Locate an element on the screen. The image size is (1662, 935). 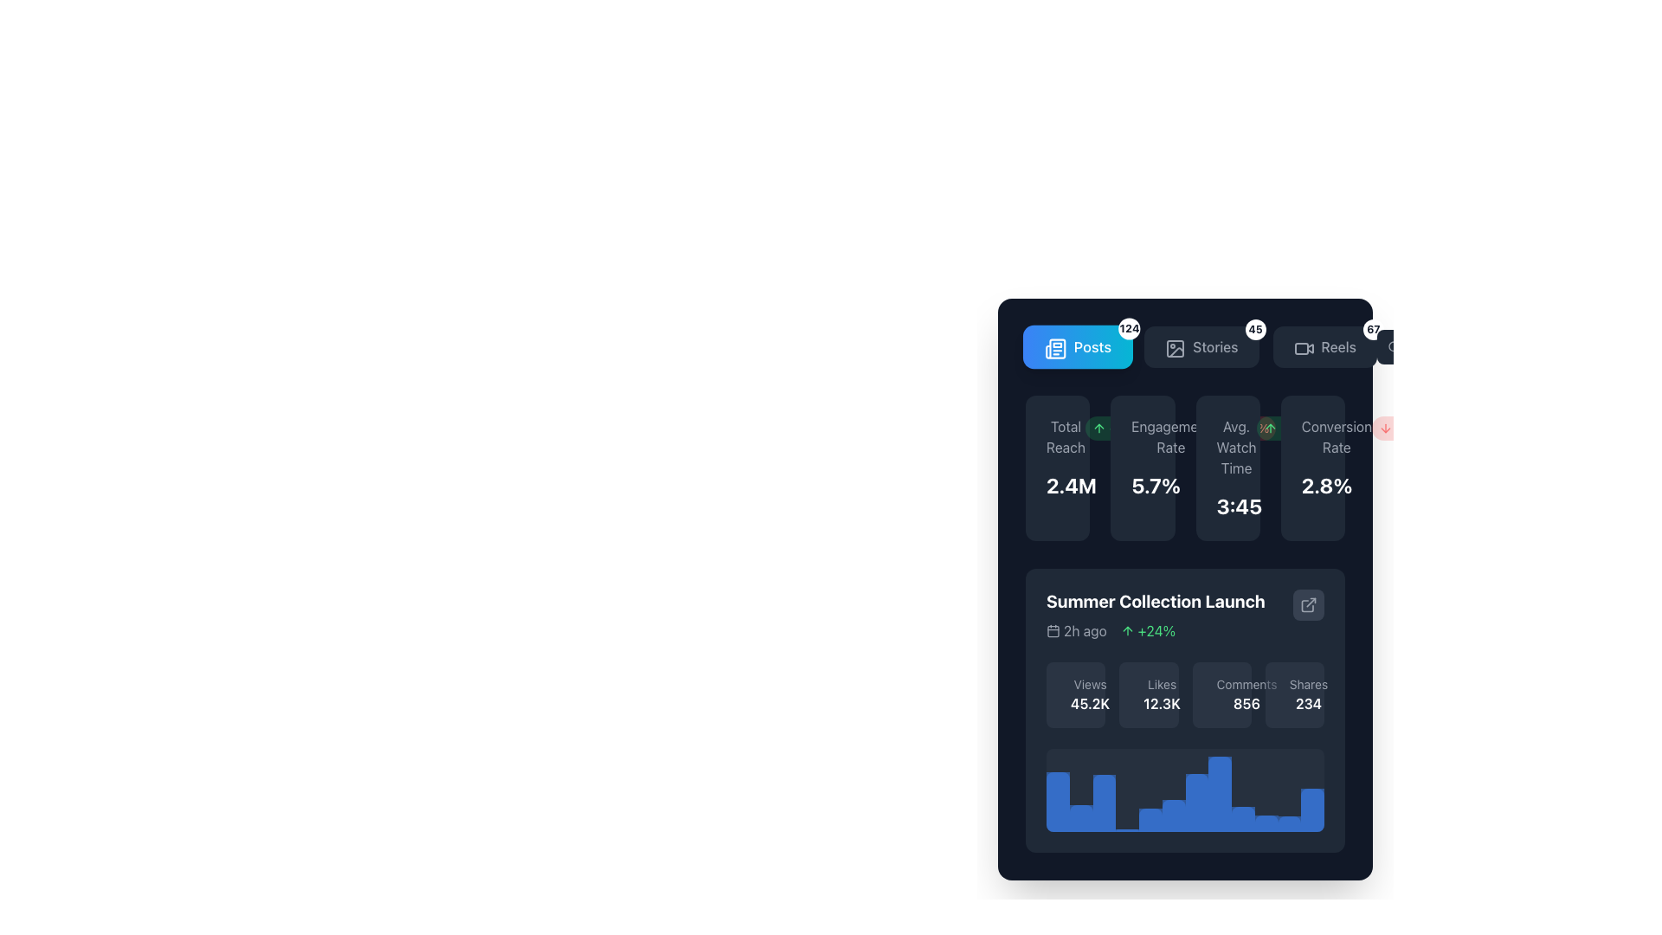
the 'Stories' text label located centrally within a rounded rectangular button in the navigation bar is located at coordinates (1214, 347).